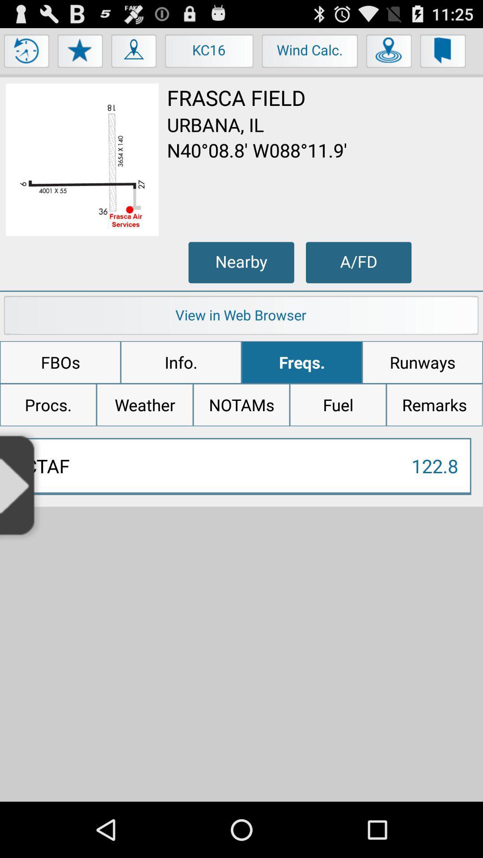  Describe the element at coordinates (82, 160) in the screenshot. I see `map` at that location.